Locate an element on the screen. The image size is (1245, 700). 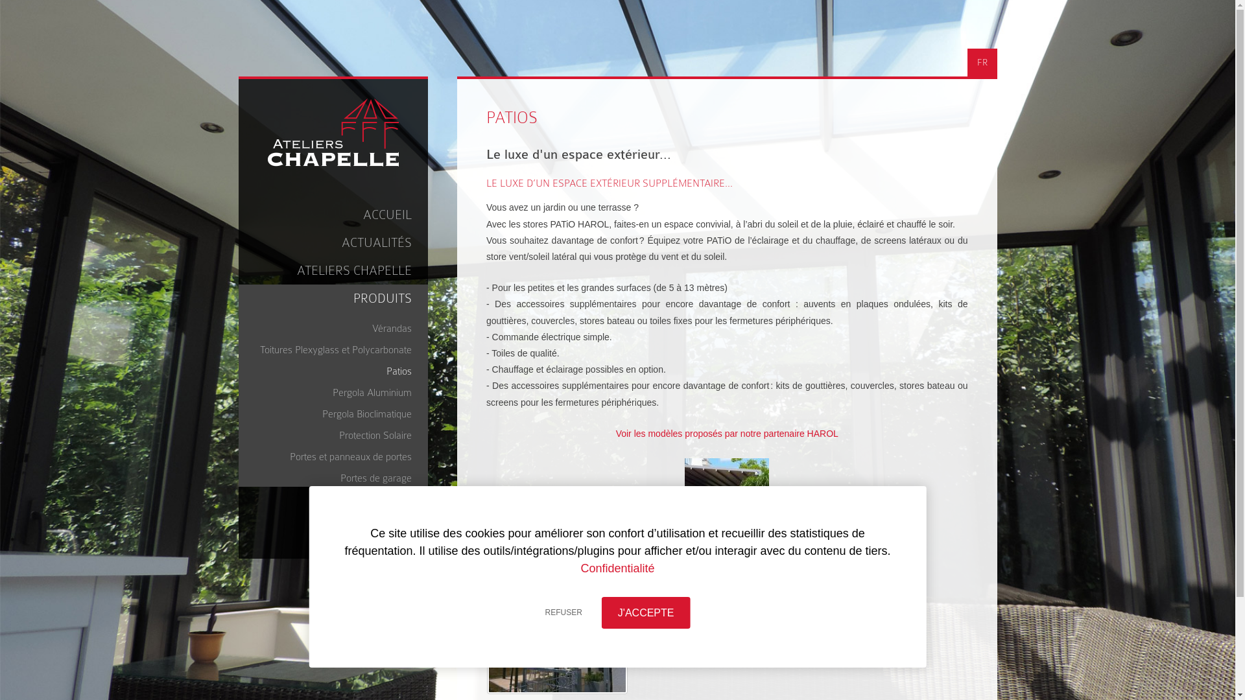
'Protection Solaire' is located at coordinates (337, 433).